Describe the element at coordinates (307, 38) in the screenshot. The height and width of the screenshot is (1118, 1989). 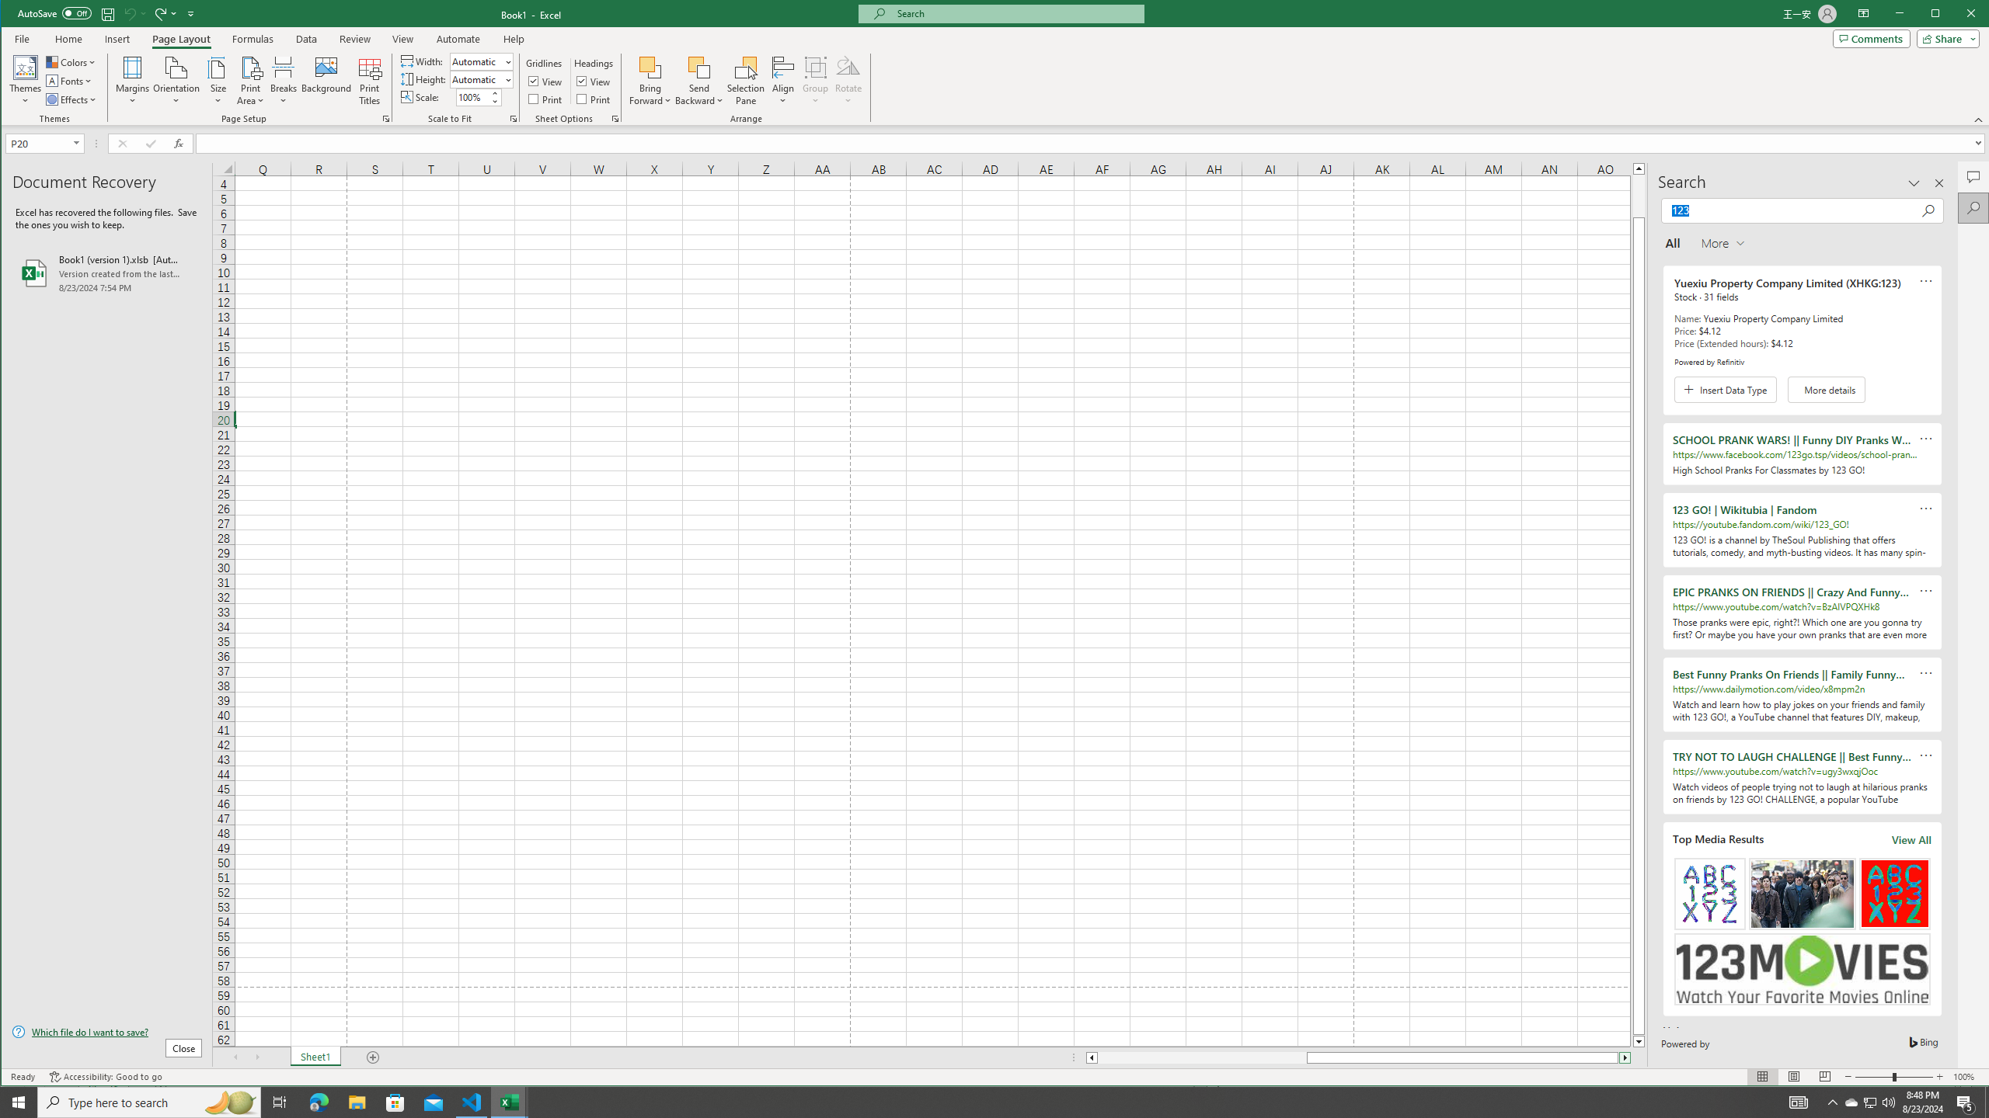
I see `'Data'` at that location.